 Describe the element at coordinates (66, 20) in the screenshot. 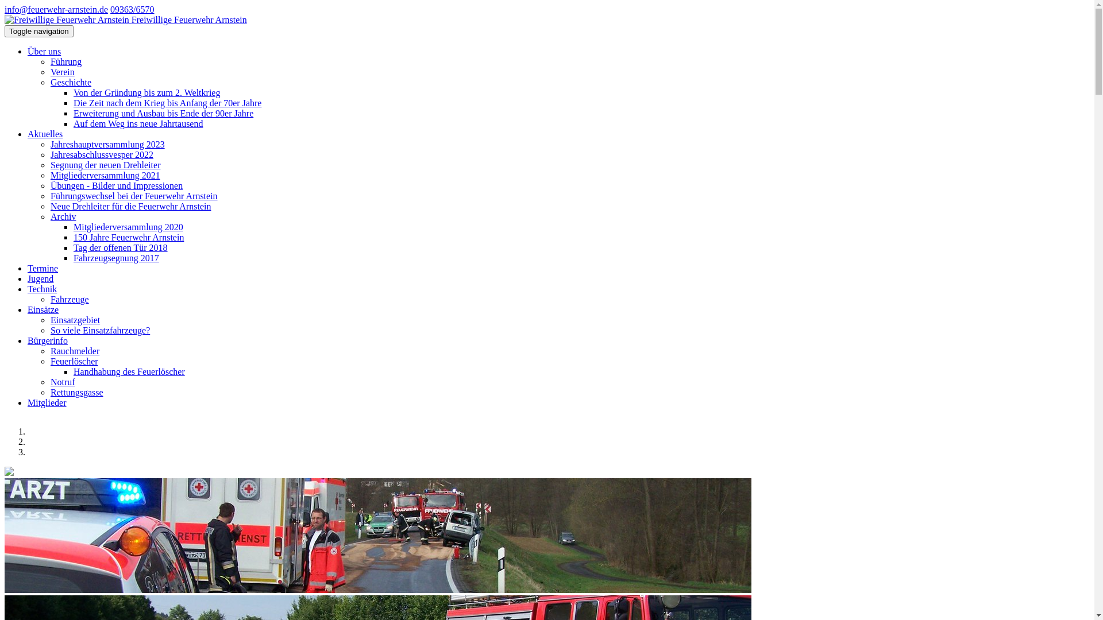

I see `'Freiwillige Feuerwehr Arnstein'` at that location.